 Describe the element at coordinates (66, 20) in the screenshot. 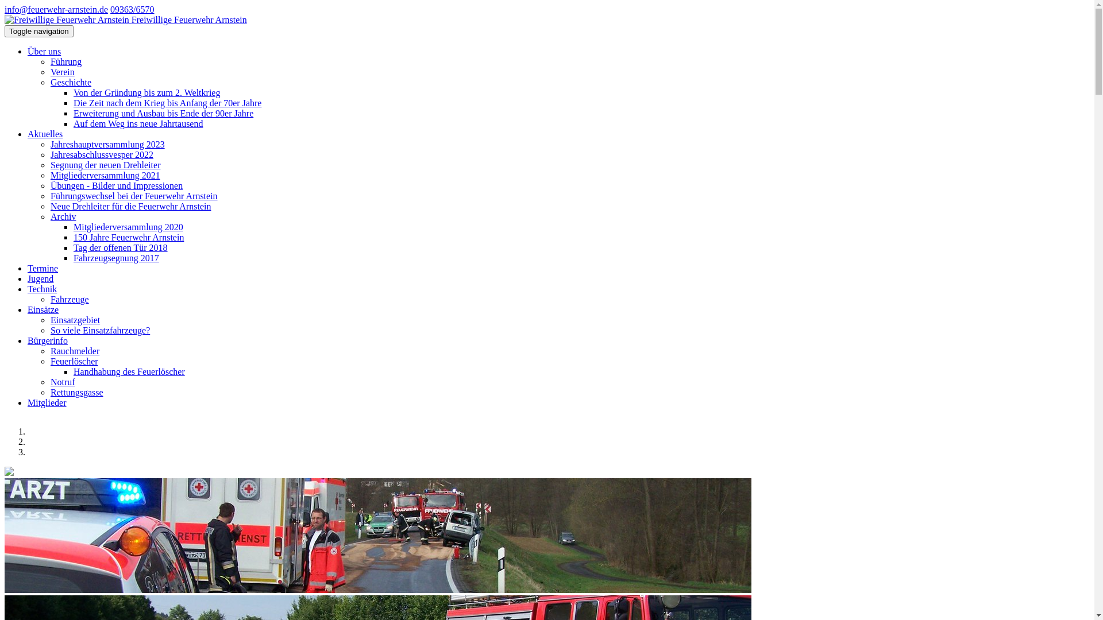

I see `'Freiwillige Feuerwehr Arnstein'` at that location.